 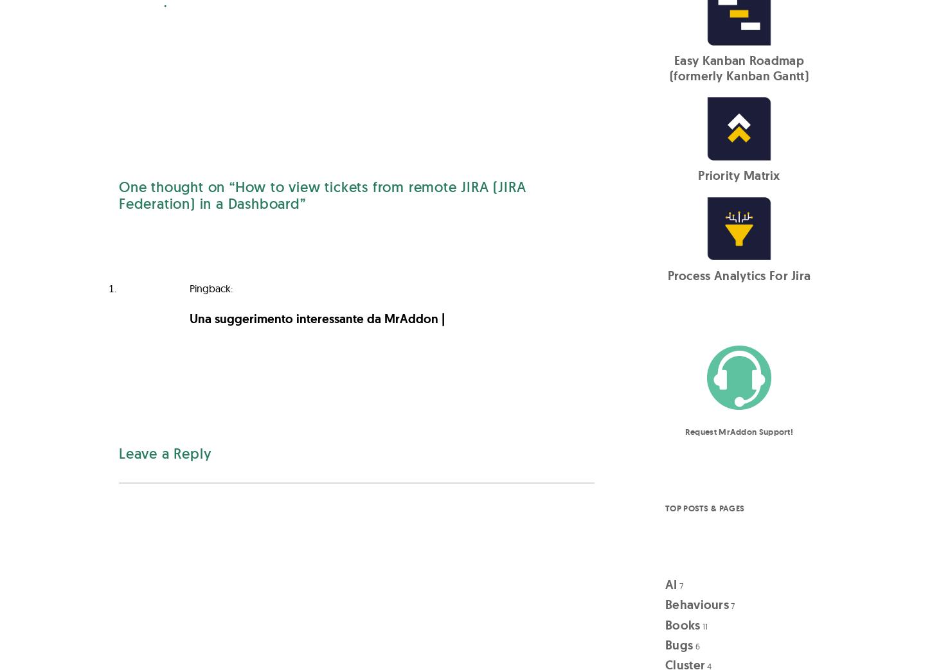 What do you see at coordinates (738, 175) in the screenshot?
I see `'Priority Matrix'` at bounding box center [738, 175].